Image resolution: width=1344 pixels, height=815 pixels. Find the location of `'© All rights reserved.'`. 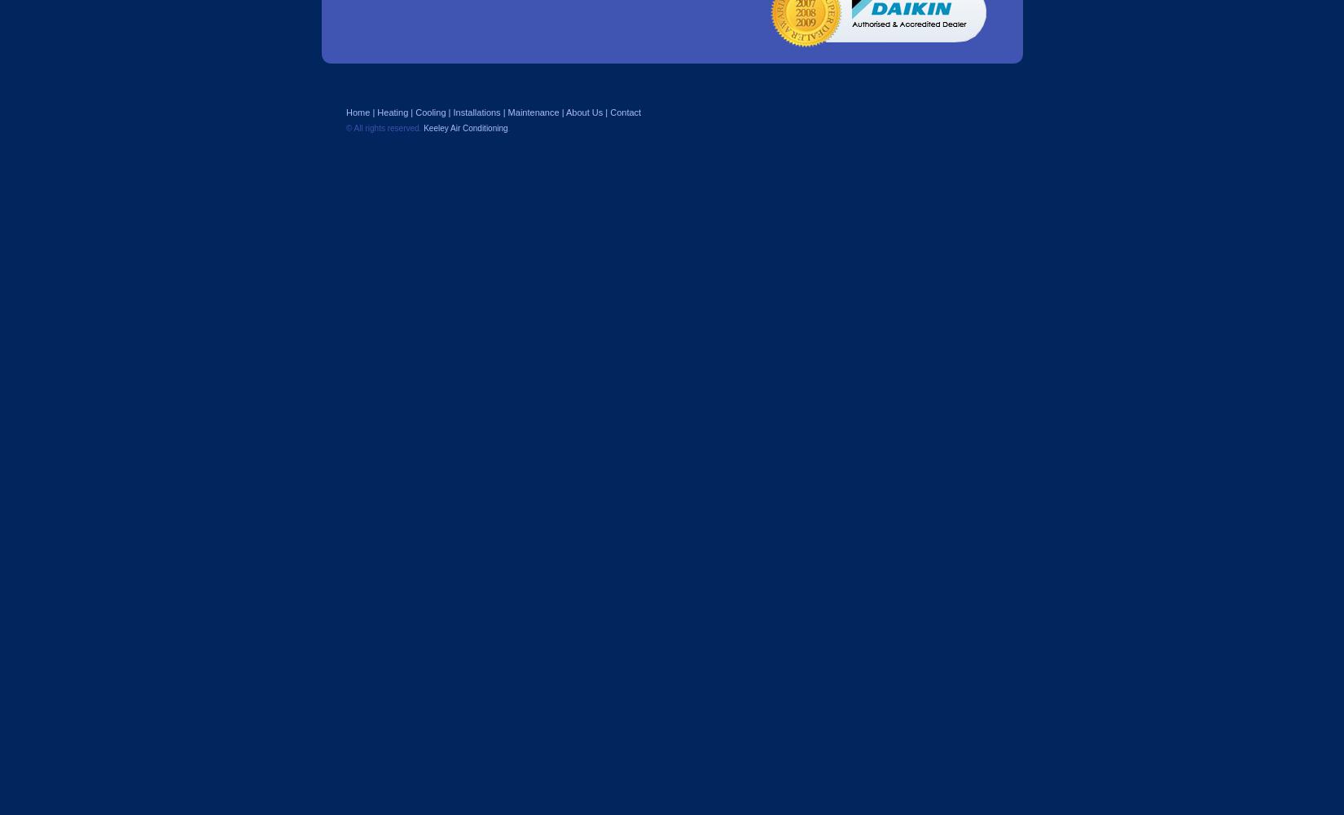

'© All rights reserved.' is located at coordinates (384, 128).